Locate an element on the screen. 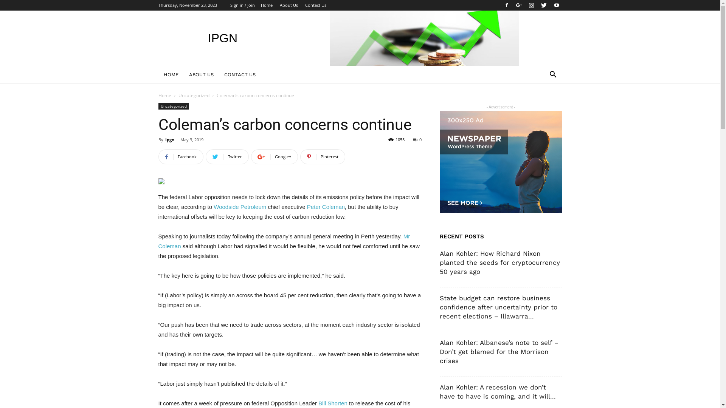  'Ipgn' is located at coordinates (164, 139).